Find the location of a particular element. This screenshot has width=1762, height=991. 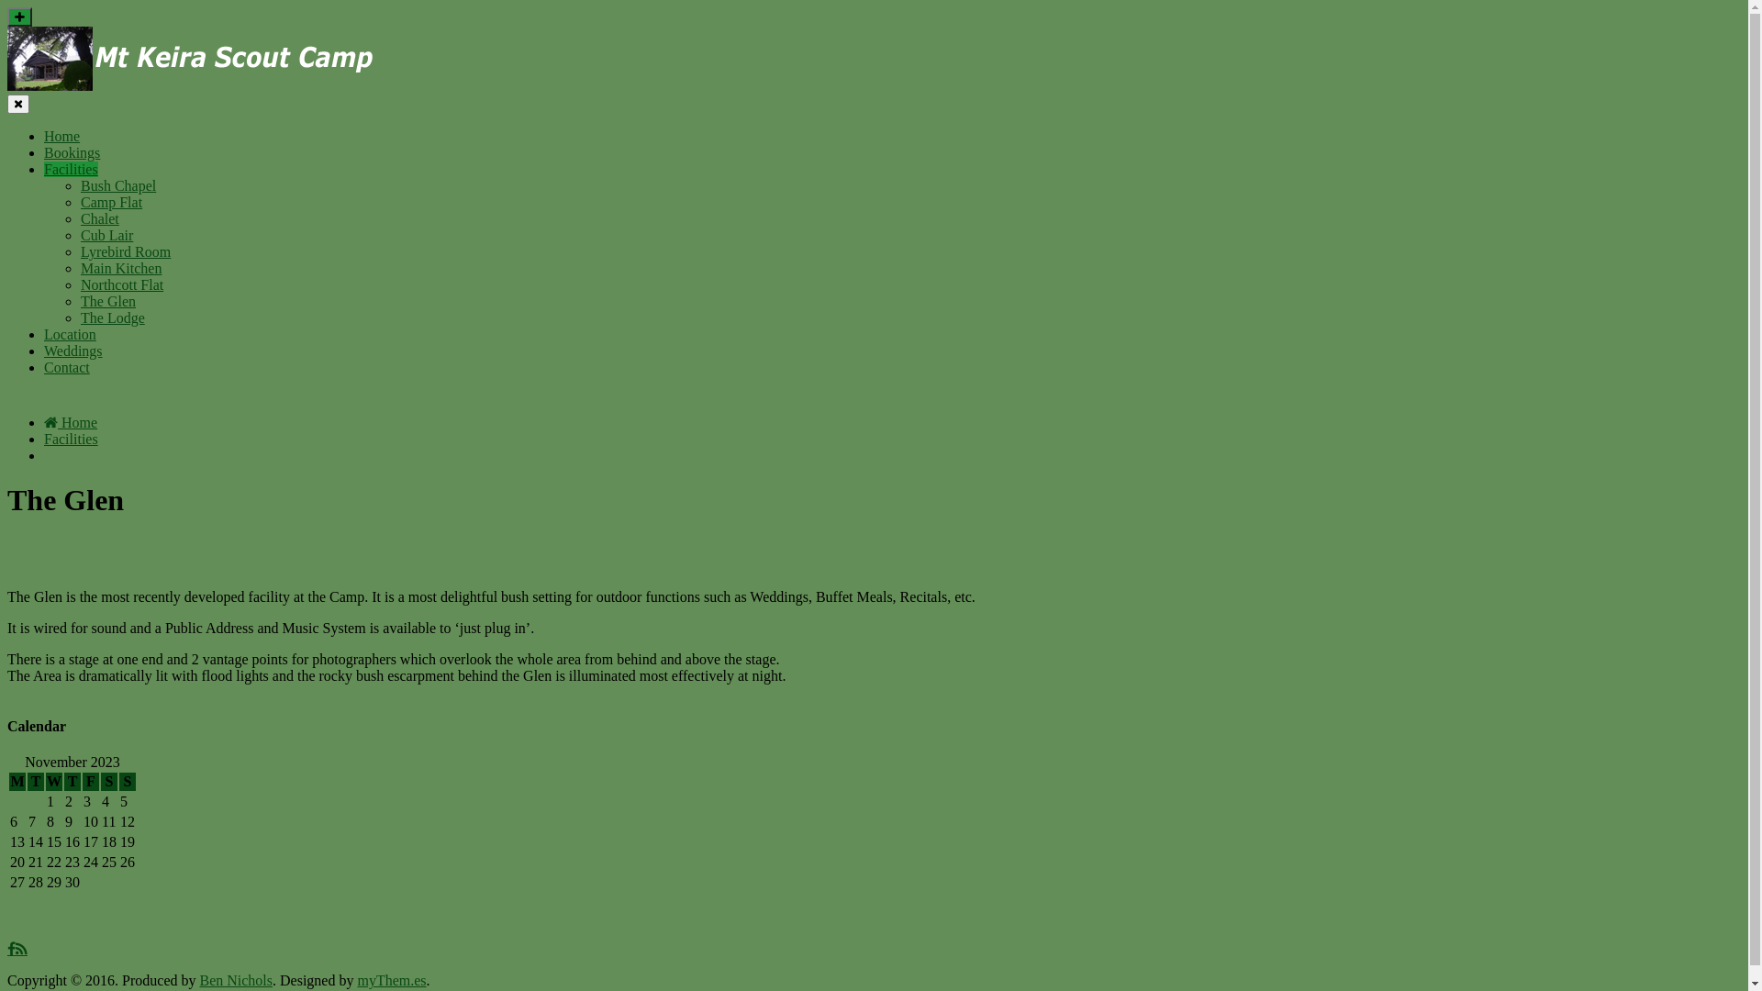

'Cub Lair' is located at coordinates (106, 234).